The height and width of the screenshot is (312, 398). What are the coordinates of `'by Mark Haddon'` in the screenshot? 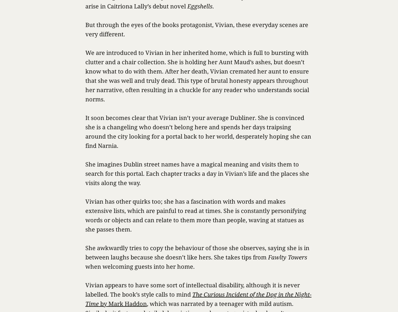 It's located at (122, 304).